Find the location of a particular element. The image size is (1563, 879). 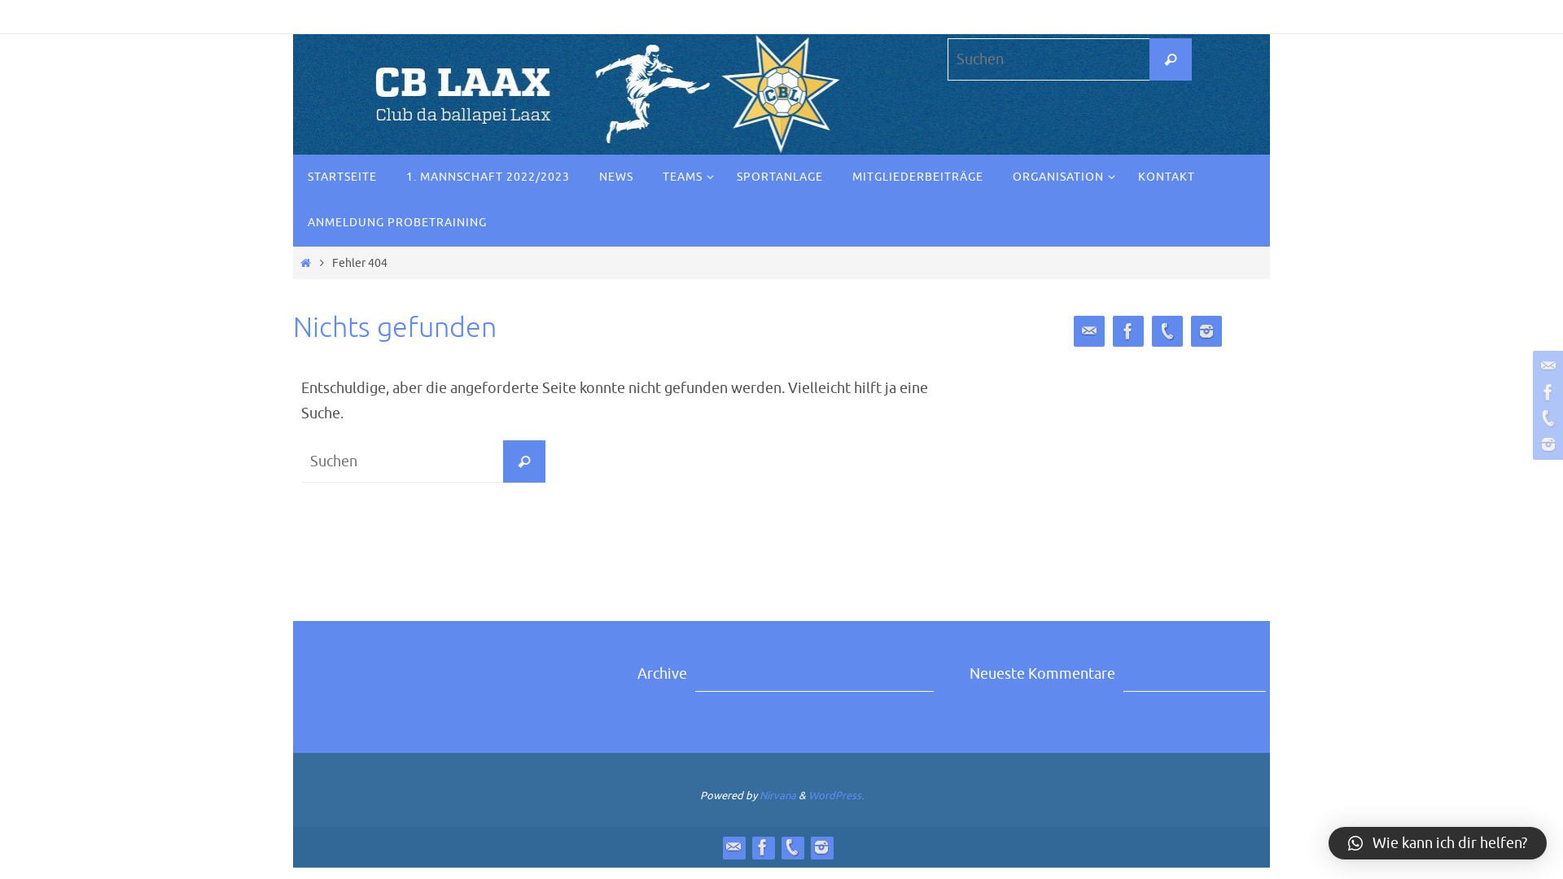

'Nirvana' is located at coordinates (776, 794).